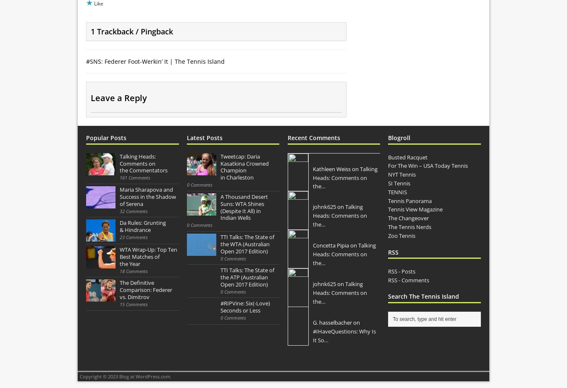  What do you see at coordinates (118, 97) in the screenshot?
I see `'Leave a Reply'` at bounding box center [118, 97].